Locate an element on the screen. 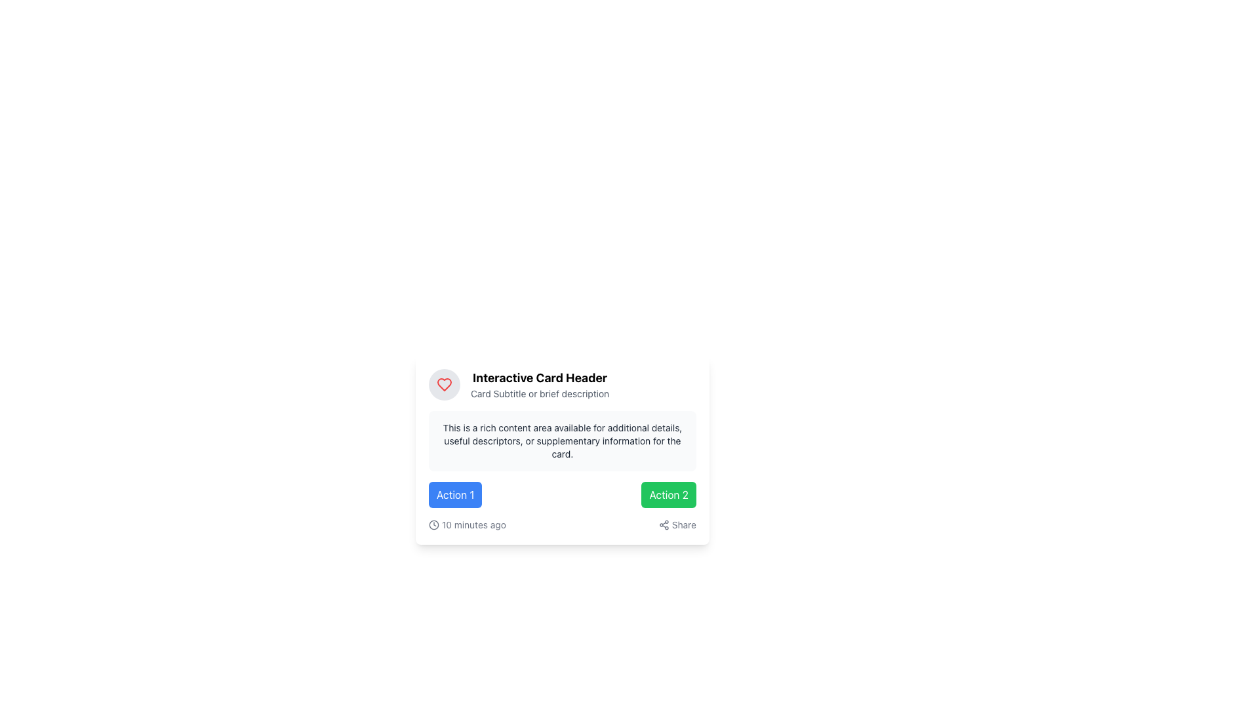 The height and width of the screenshot is (708, 1259). the icon located at the top-left corner of the card component, adjacent to the 'Interactive Card Header', which signifies favorites or emotional emphasis is located at coordinates (444, 383).